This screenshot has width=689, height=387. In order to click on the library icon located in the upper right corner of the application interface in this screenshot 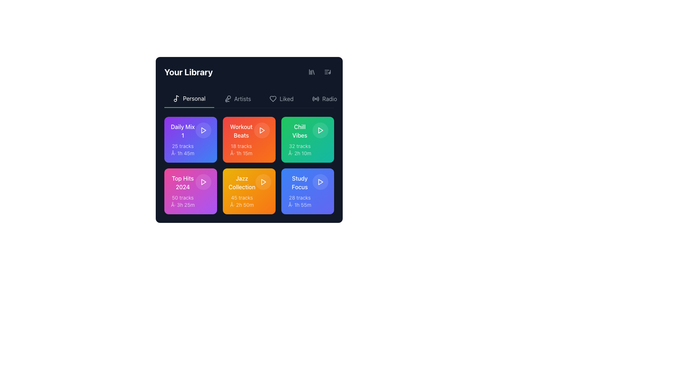, I will do `click(311, 72)`.